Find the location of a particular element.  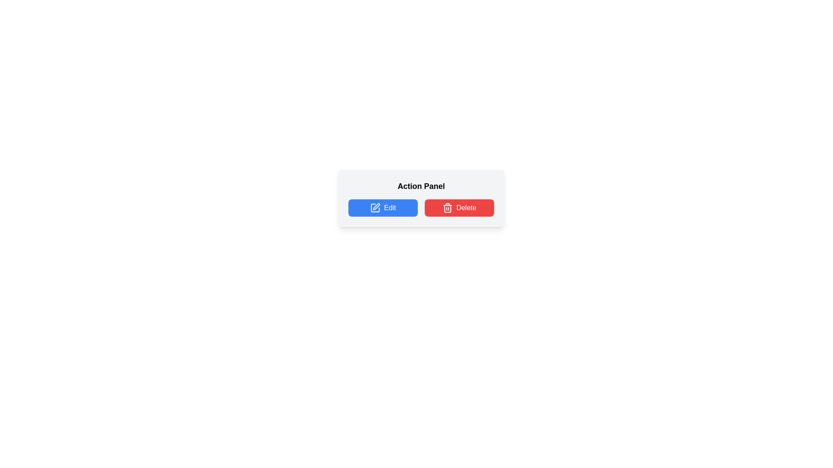

the 'Edit' SVG icon within the left blue button at the bottom of the Action Panel is located at coordinates (377, 207).